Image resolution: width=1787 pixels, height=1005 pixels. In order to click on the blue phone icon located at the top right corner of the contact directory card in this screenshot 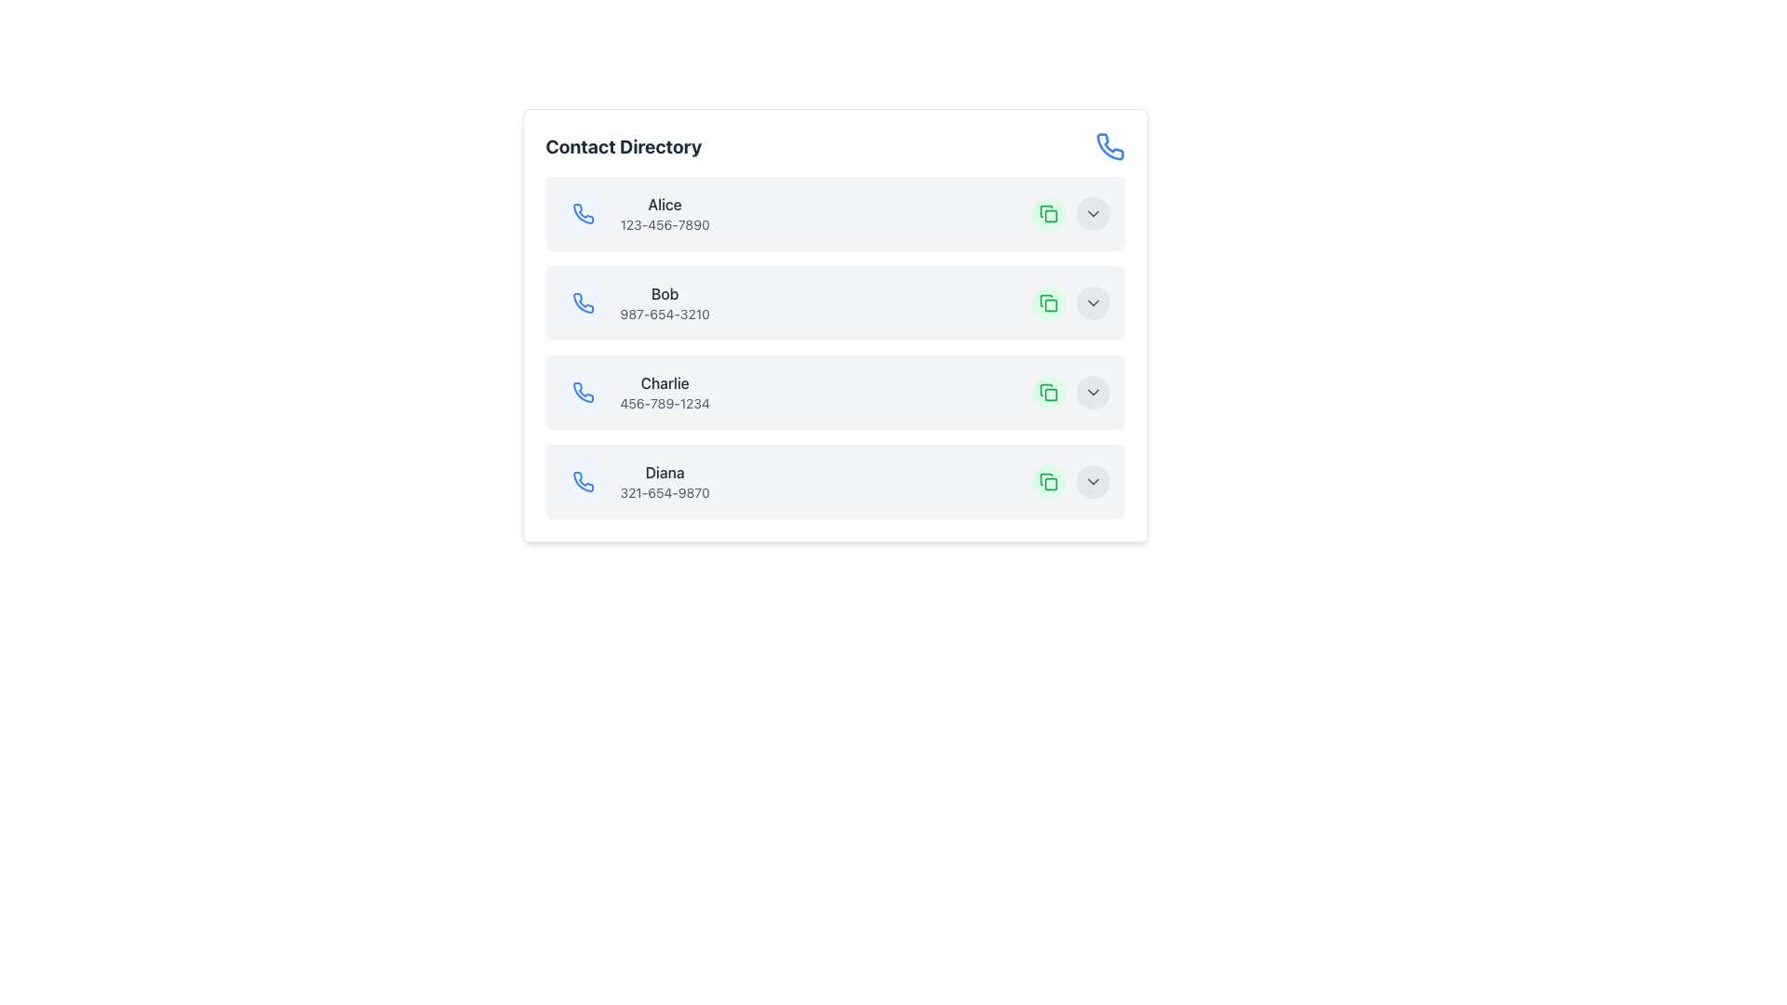, I will do `click(1108, 145)`.